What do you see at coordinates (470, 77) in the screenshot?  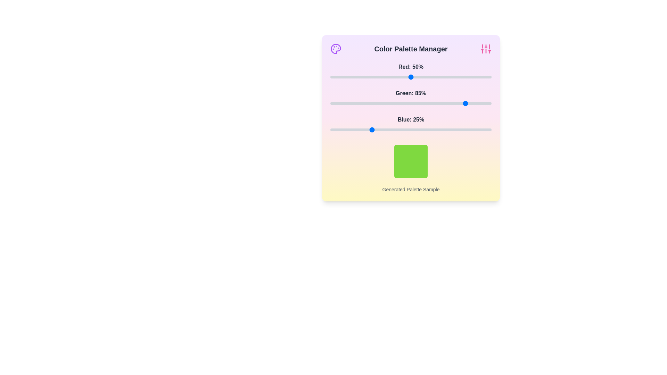 I see `the 0 slider to 87% to observe the updated color sample box` at bounding box center [470, 77].